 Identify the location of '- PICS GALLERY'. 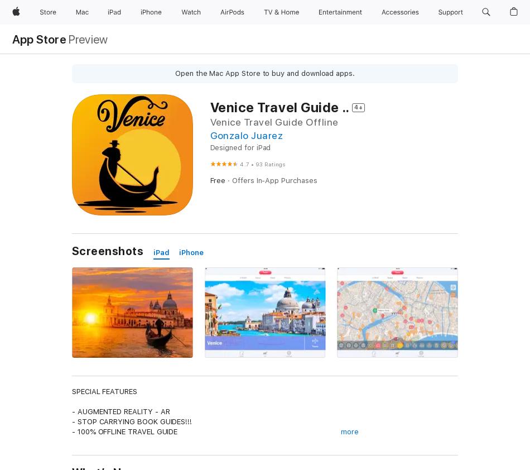
(99, 462).